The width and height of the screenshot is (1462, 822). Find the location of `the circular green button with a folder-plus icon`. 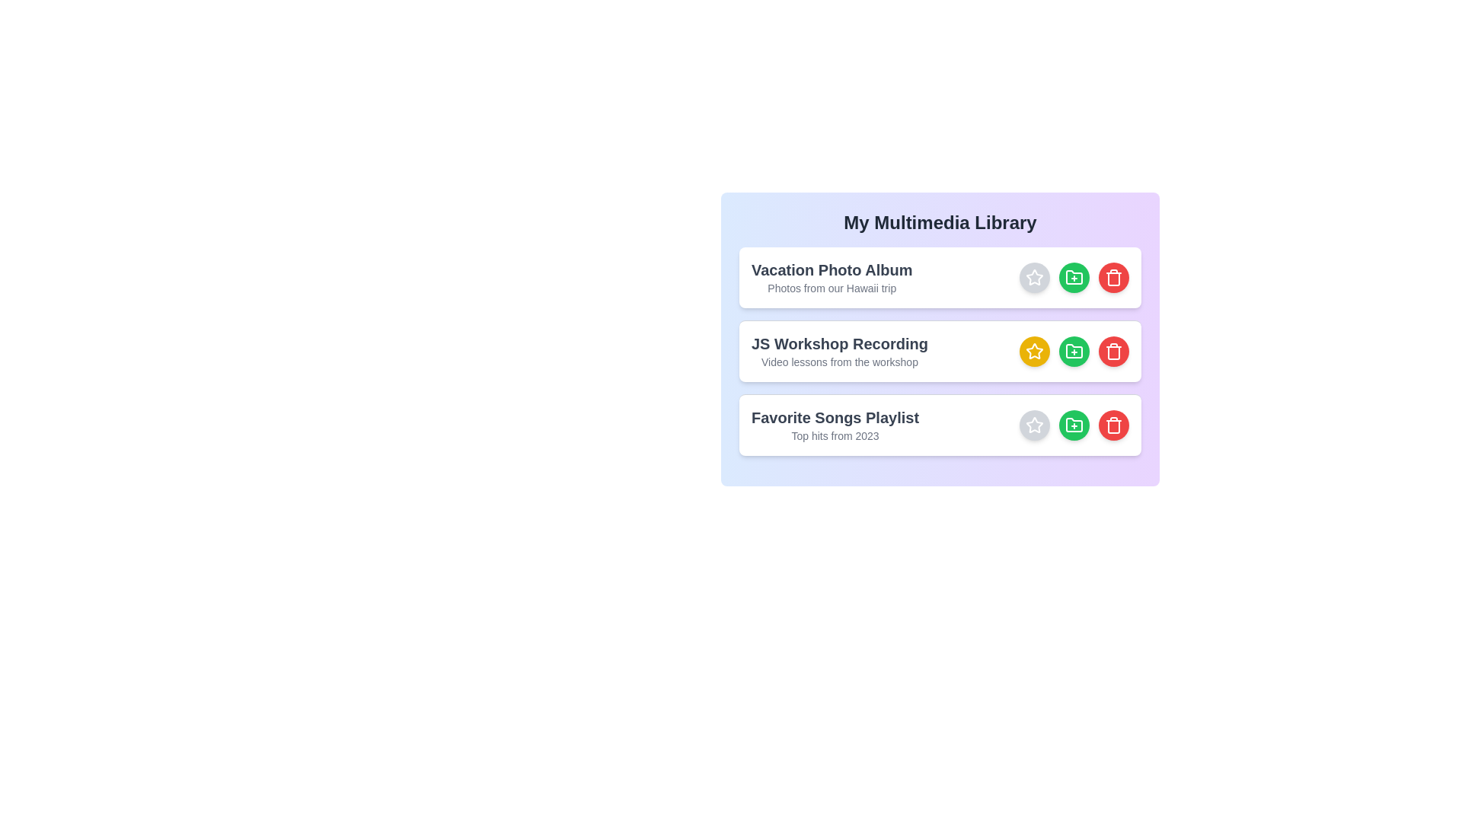

the circular green button with a folder-plus icon is located at coordinates (1074, 352).